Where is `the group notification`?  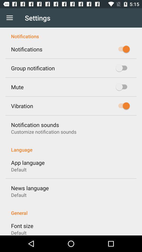
the group notification is located at coordinates (33, 68).